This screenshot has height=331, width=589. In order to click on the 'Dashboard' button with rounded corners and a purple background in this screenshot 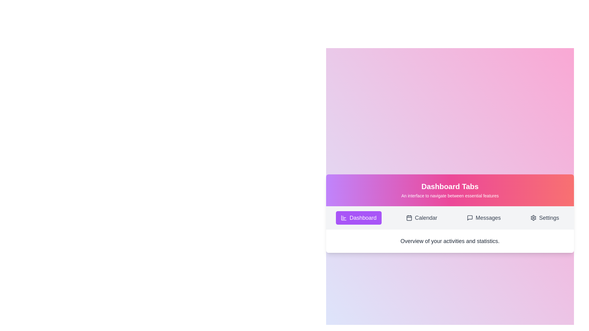, I will do `click(359, 217)`.